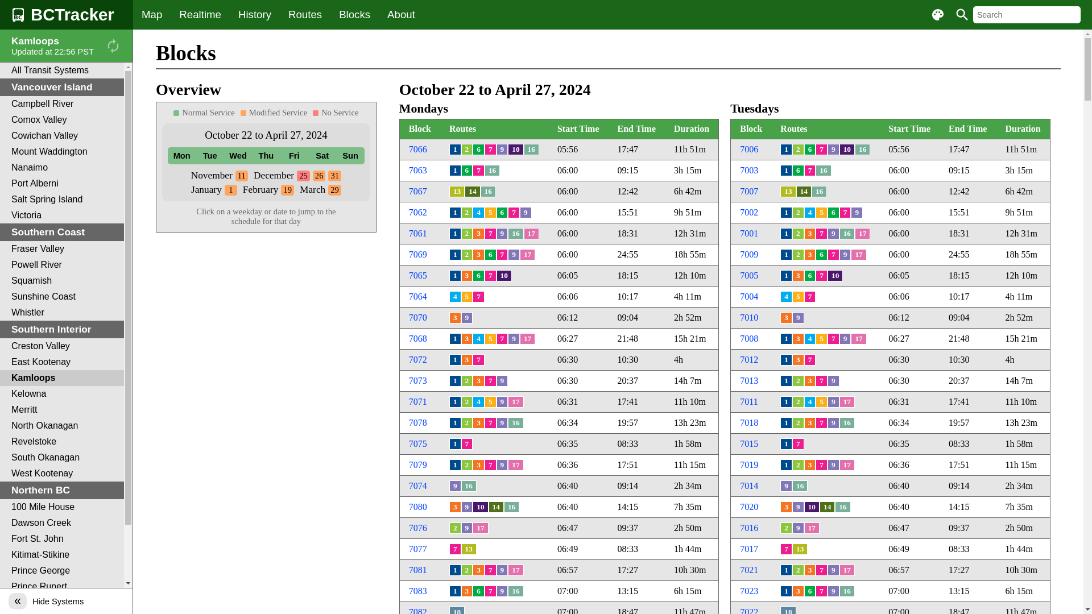 The height and width of the screenshot is (614, 1092). I want to click on '1', so click(455, 171).